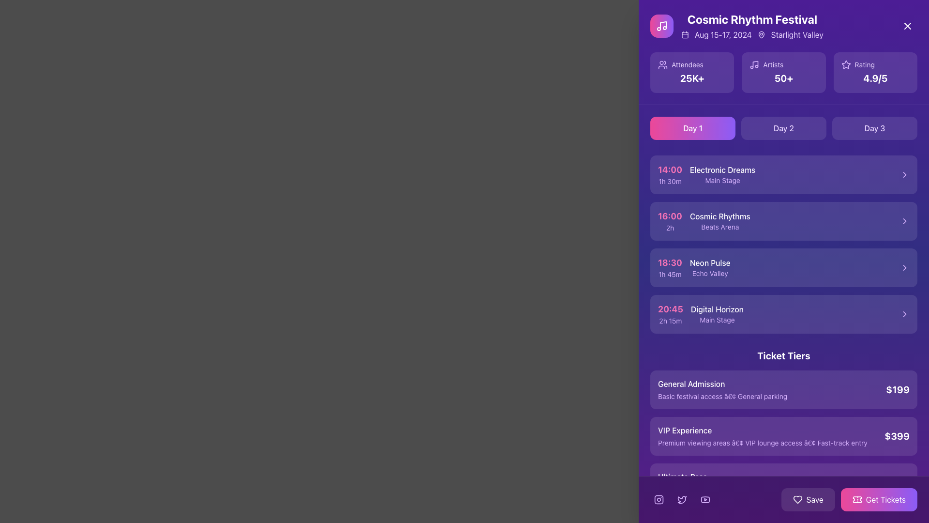 Image resolution: width=929 pixels, height=523 pixels. Describe the element at coordinates (670, 309) in the screenshot. I see `the time '20:45' displayed in bold pink font` at that location.